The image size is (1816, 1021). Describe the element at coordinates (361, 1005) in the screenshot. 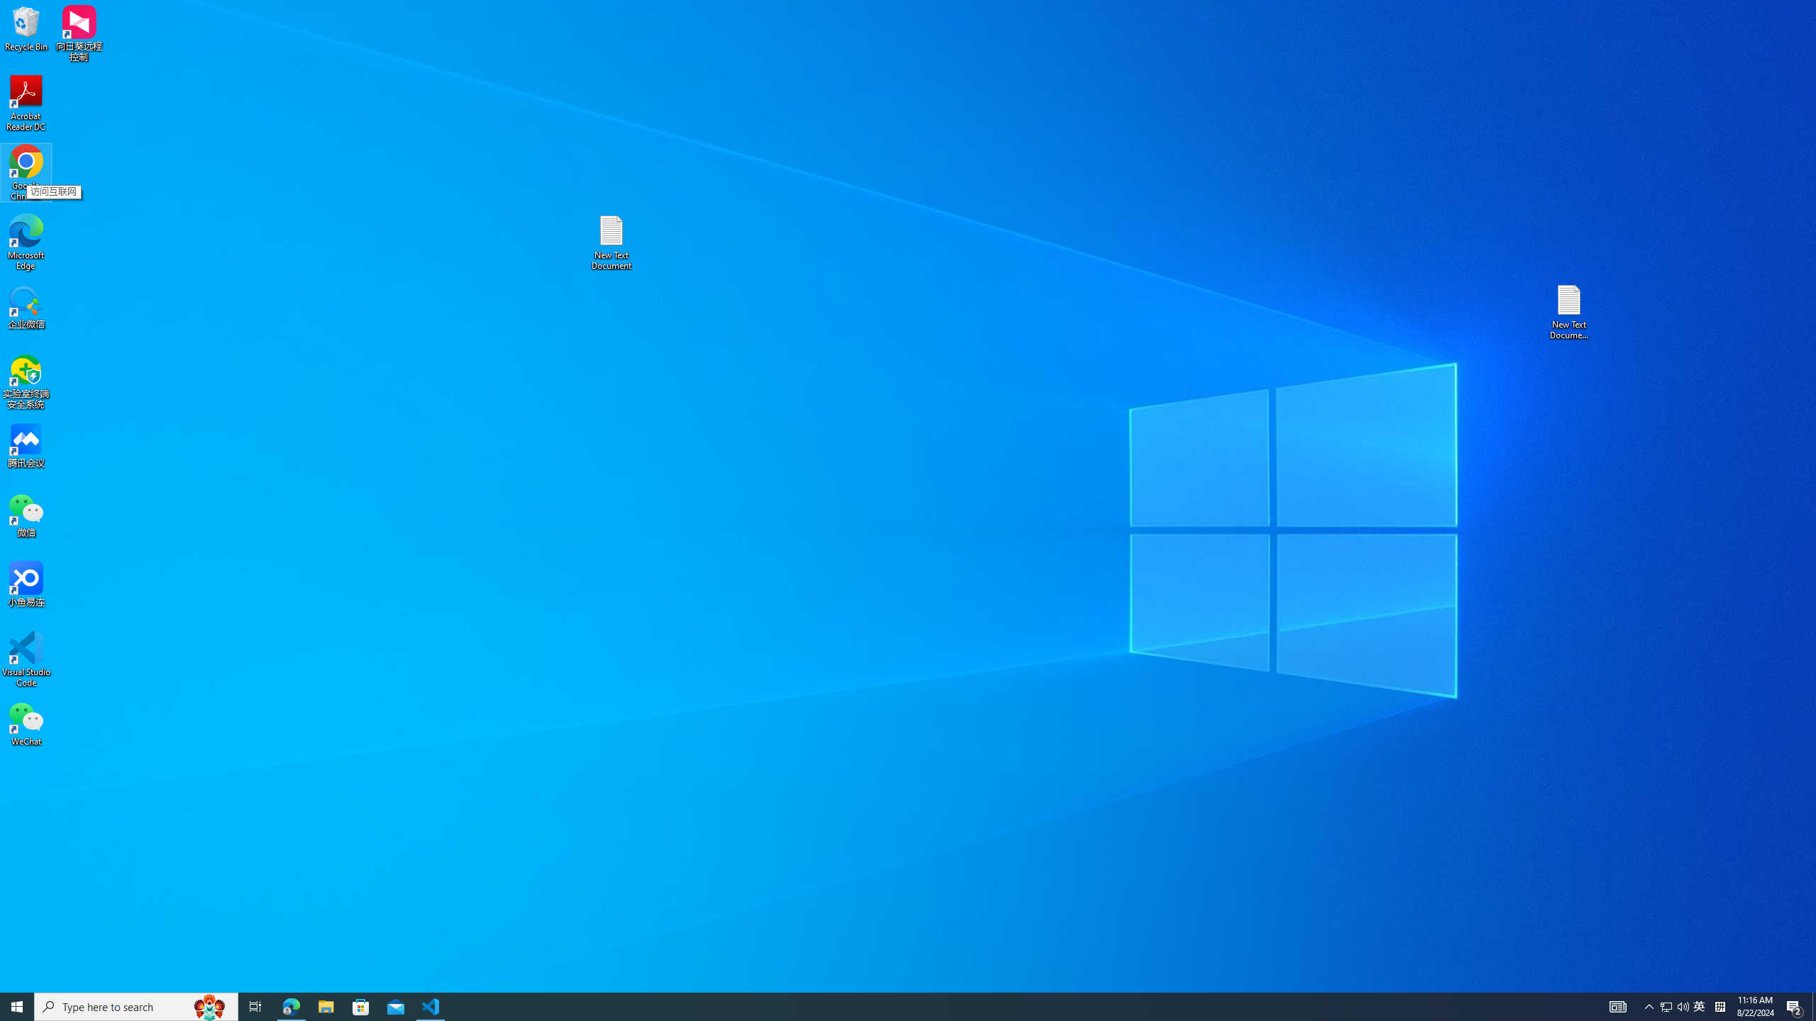

I see `'Microsoft Store'` at that location.